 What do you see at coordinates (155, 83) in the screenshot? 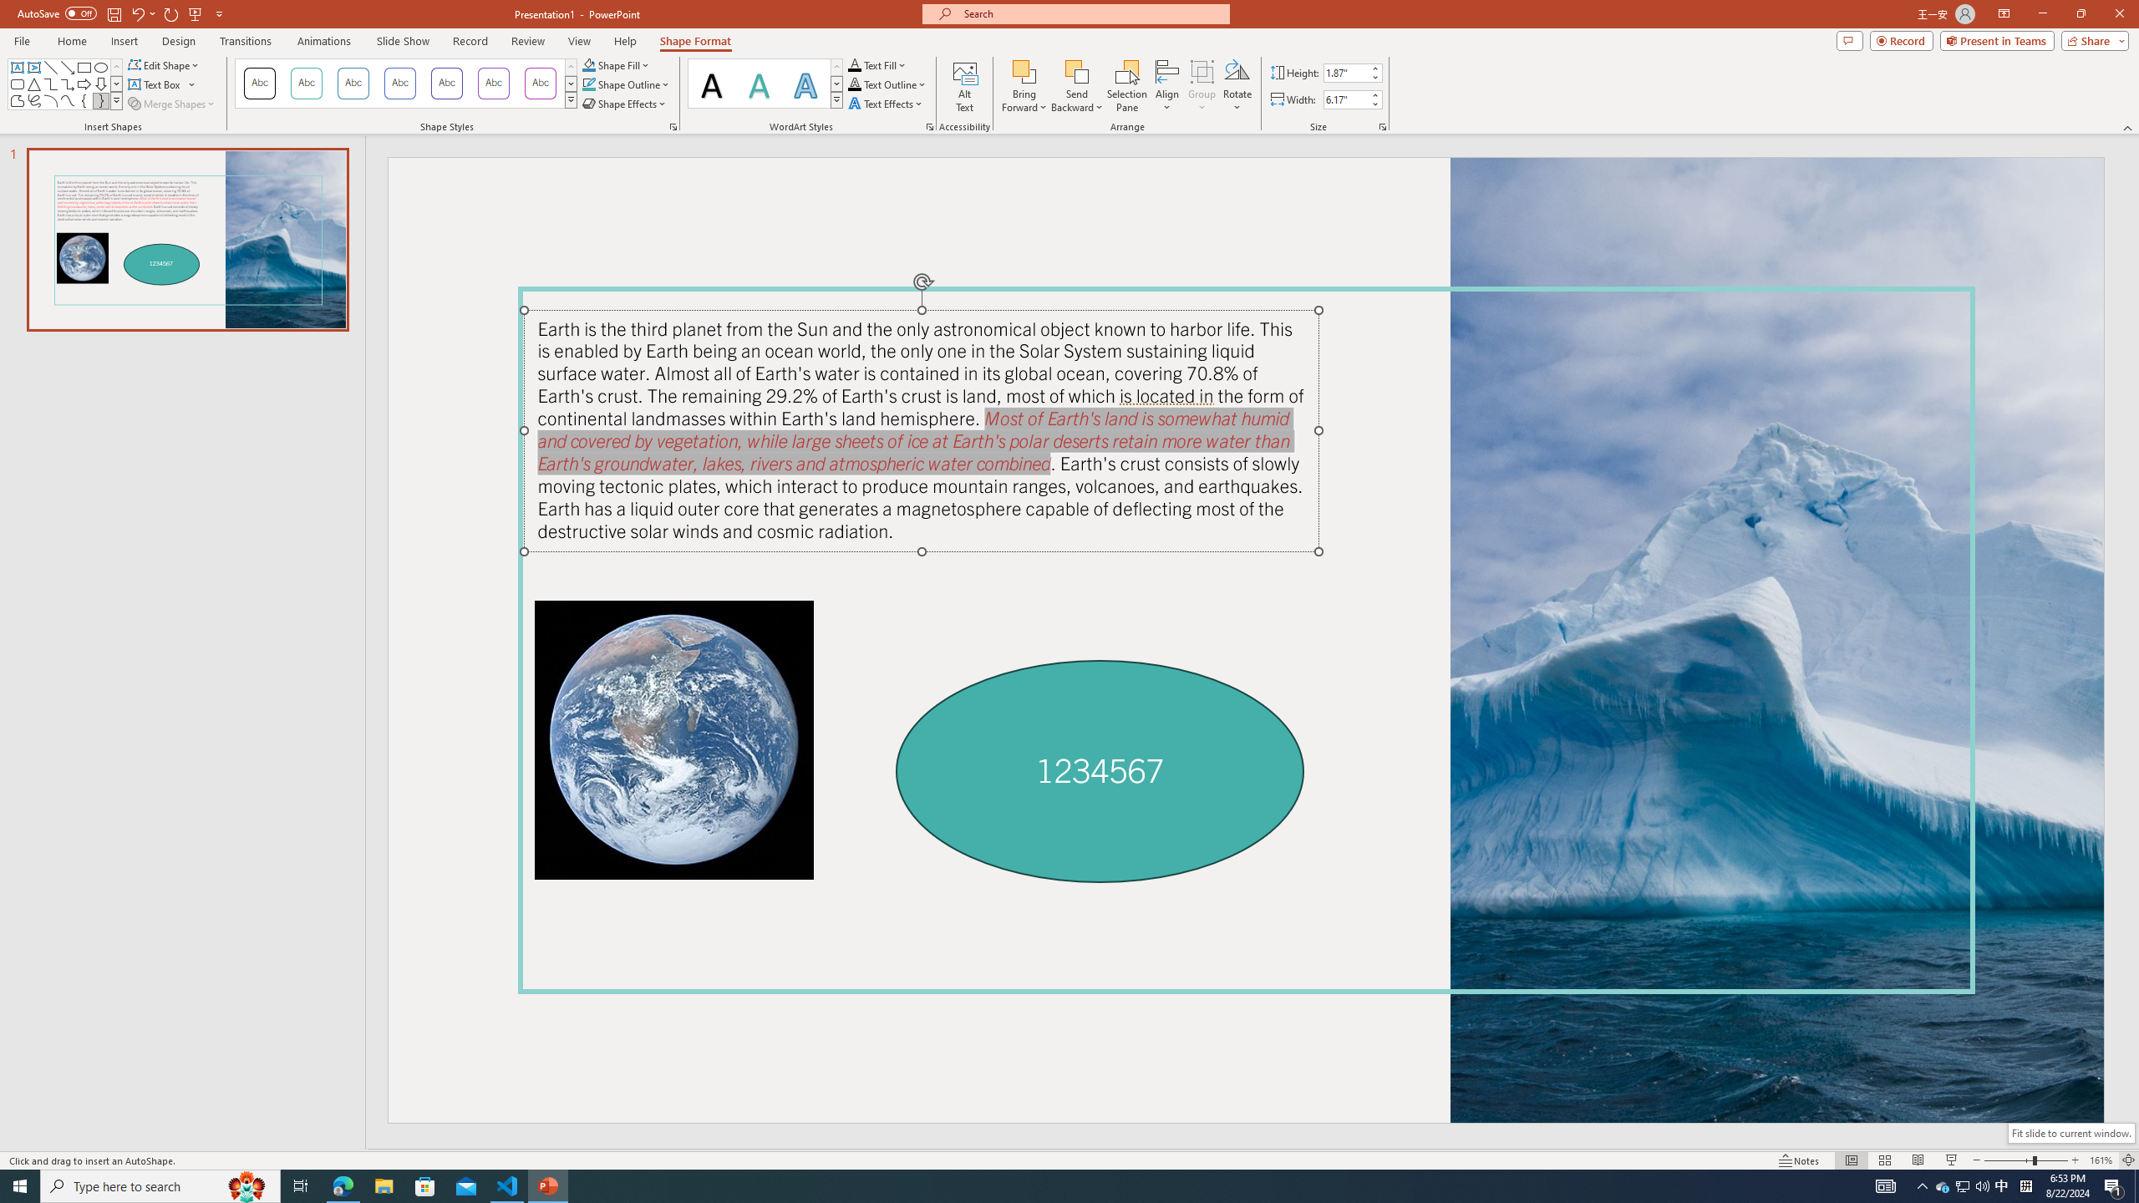
I see `'Draw Horizontal Text Box'` at bounding box center [155, 83].